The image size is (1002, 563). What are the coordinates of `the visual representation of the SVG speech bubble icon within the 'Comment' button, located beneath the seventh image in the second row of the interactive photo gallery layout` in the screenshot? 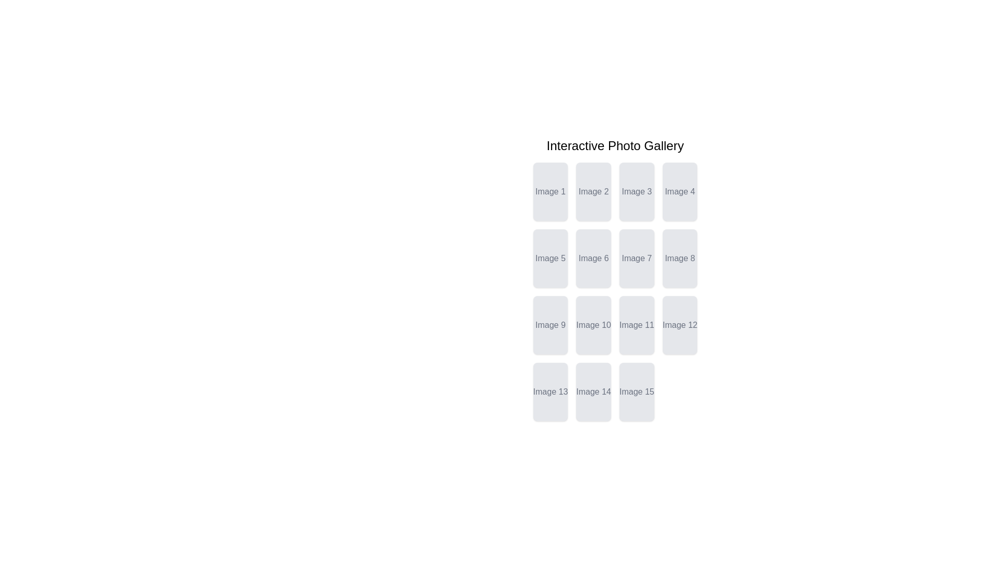 It's located at (665, 277).